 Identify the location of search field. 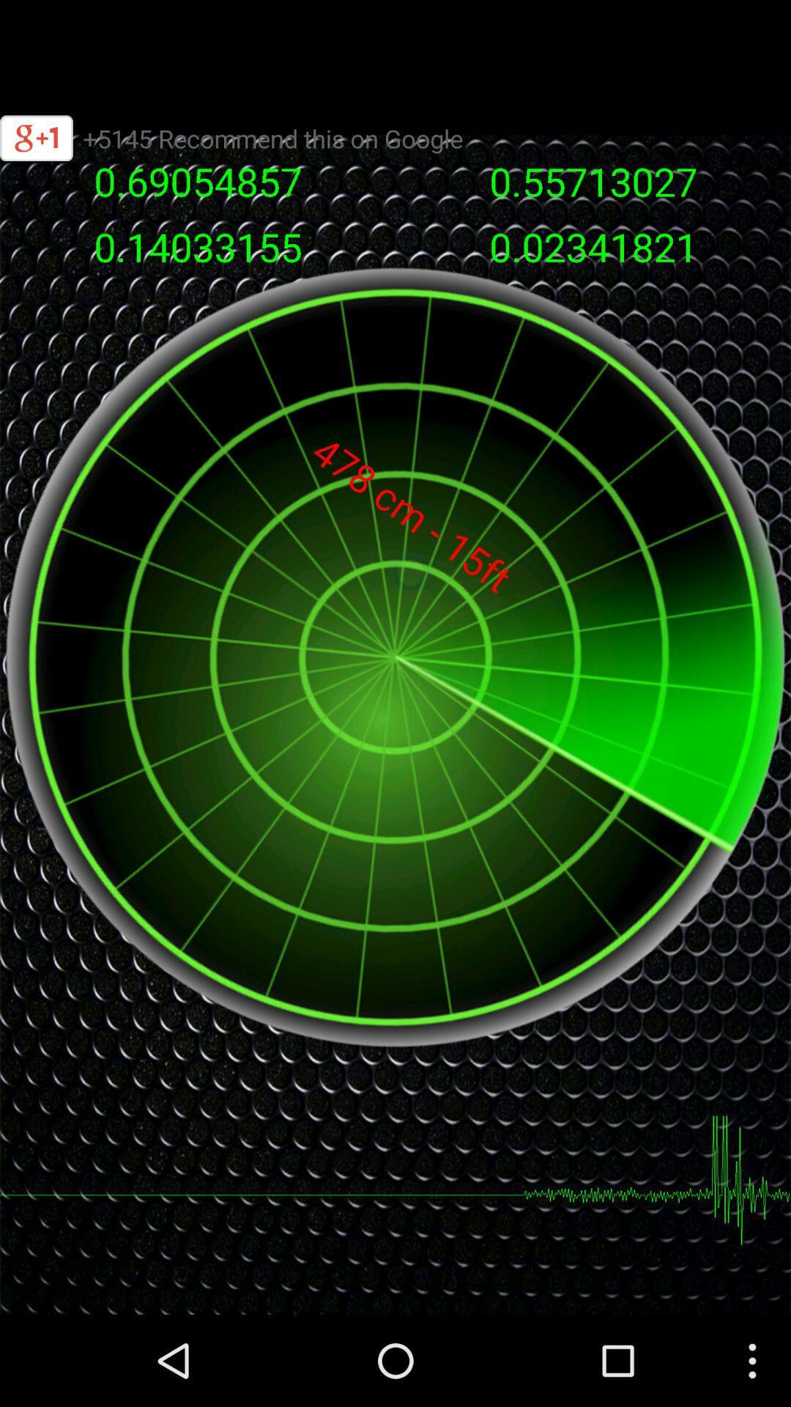
(395, 48).